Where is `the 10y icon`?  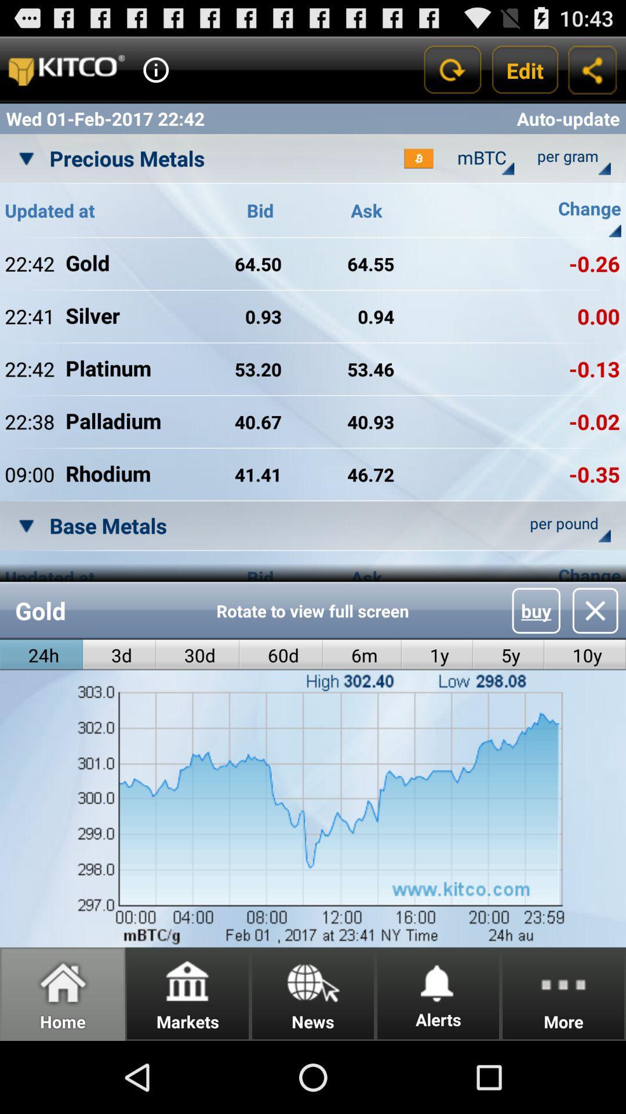 the 10y icon is located at coordinates (585, 655).